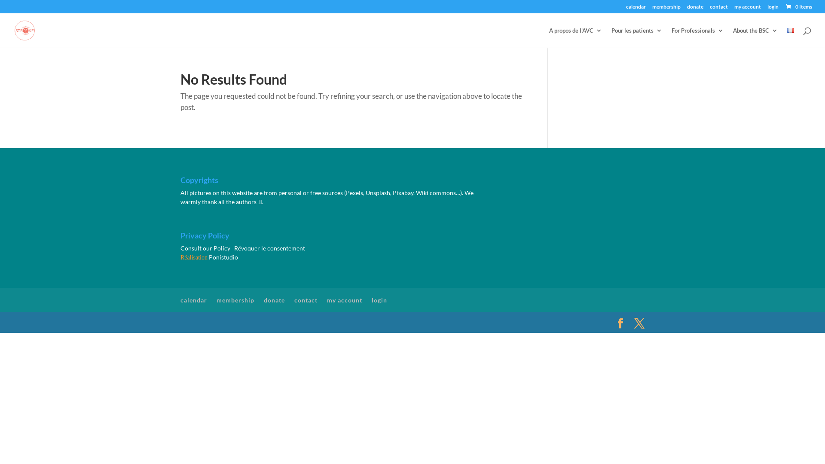  What do you see at coordinates (697, 37) in the screenshot?
I see `'For Professionals'` at bounding box center [697, 37].